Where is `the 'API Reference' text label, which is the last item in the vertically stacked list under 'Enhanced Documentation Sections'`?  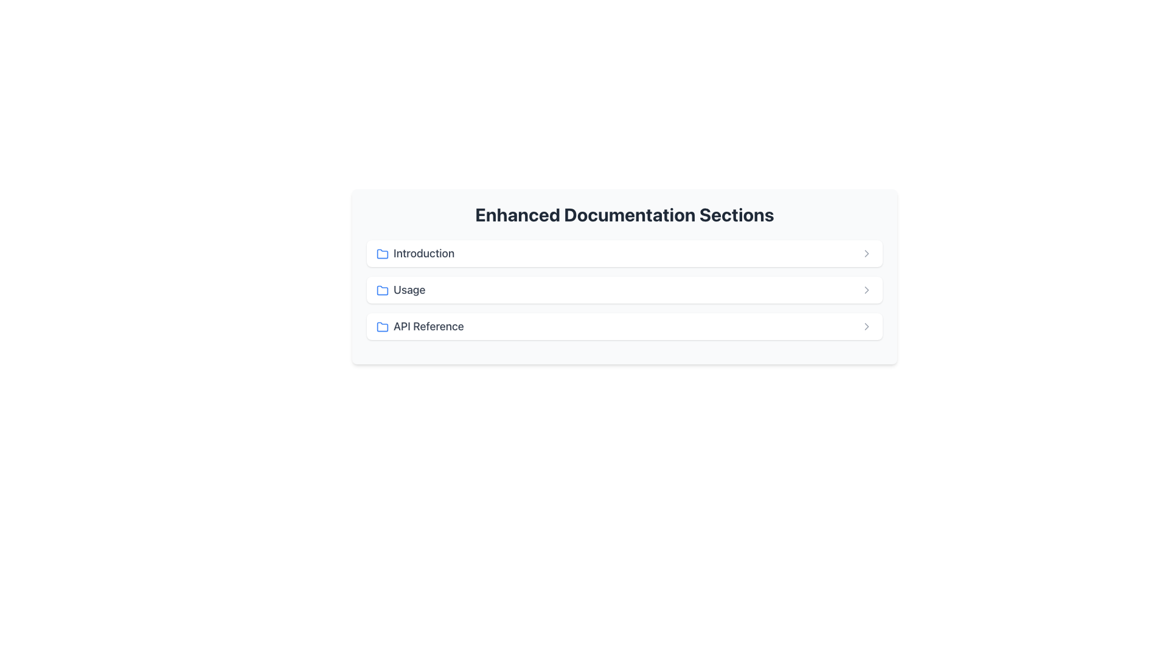 the 'API Reference' text label, which is the last item in the vertically stacked list under 'Enhanced Documentation Sections' is located at coordinates (420, 325).